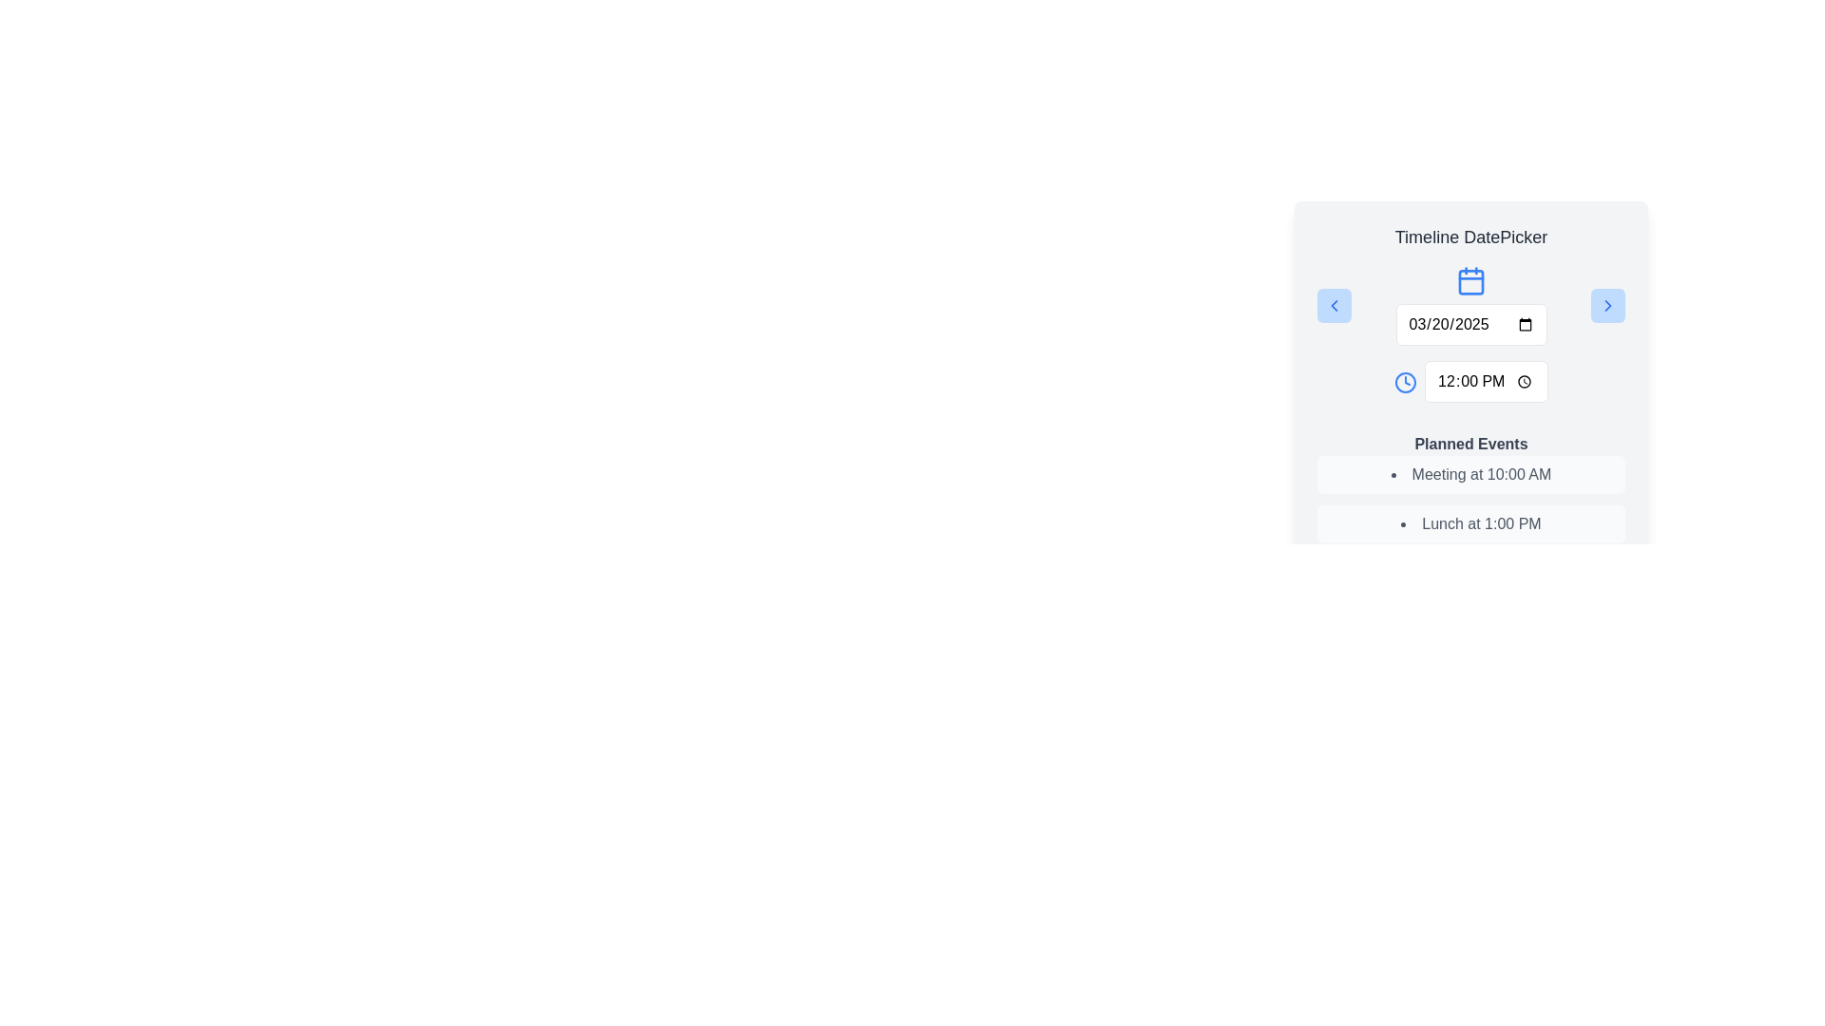 This screenshot has width=1825, height=1026. Describe the element at coordinates (1333, 304) in the screenshot. I see `the leftward pointing blue arrow button` at that location.